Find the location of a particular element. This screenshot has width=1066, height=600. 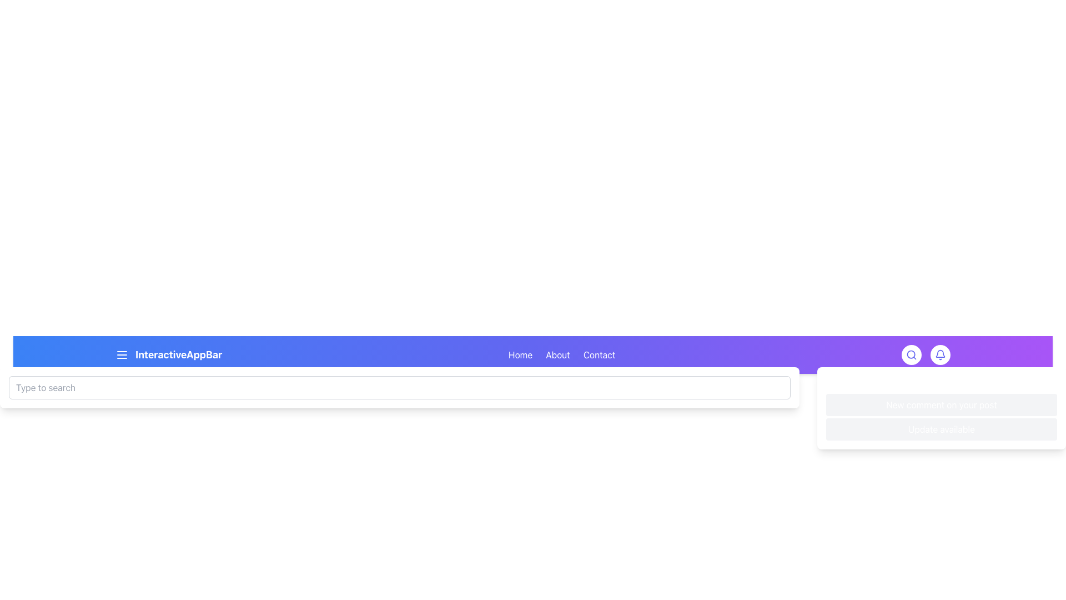

the notification button located at the top-right corner of the navigation bar, adjacent to the search icon is located at coordinates (940, 355).